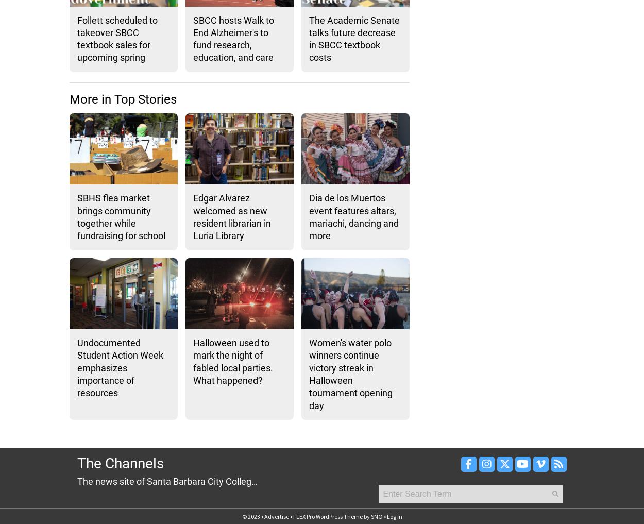 Image resolution: width=644 pixels, height=524 pixels. I want to click on 'by', so click(366, 516).